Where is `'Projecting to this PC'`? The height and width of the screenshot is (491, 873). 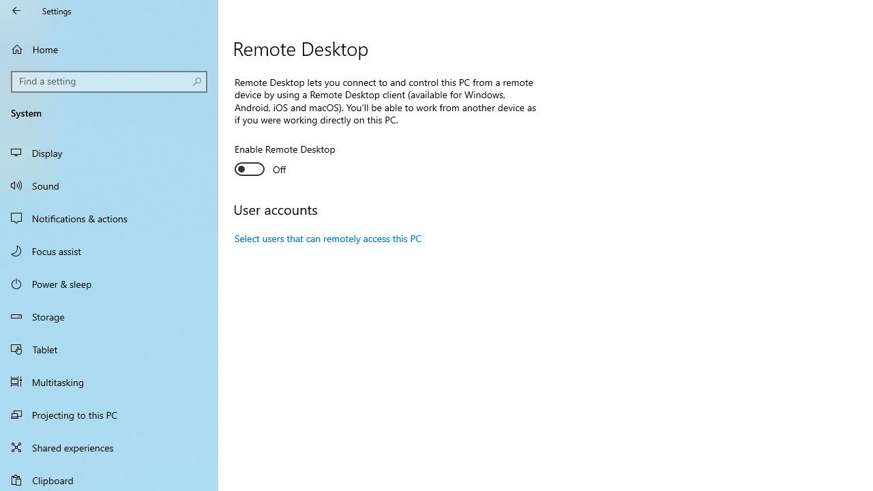
'Projecting to this PC' is located at coordinates (109, 414).